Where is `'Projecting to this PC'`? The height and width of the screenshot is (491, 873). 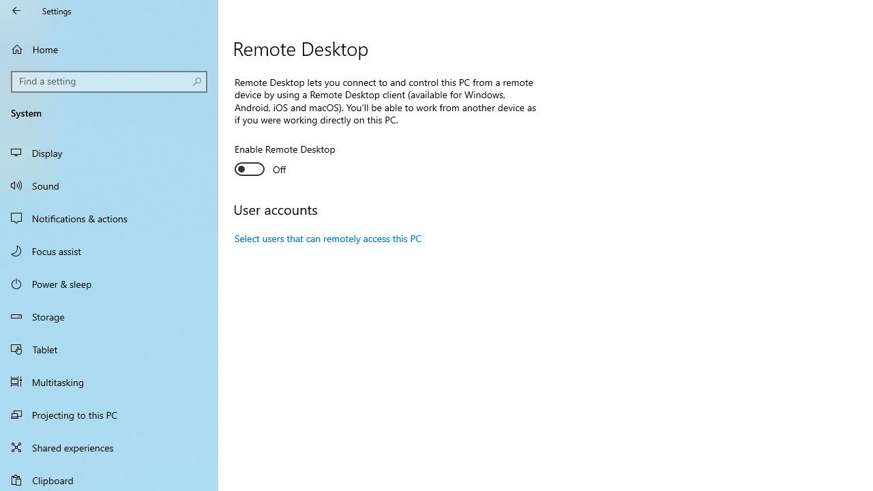
'Projecting to this PC' is located at coordinates (109, 414).